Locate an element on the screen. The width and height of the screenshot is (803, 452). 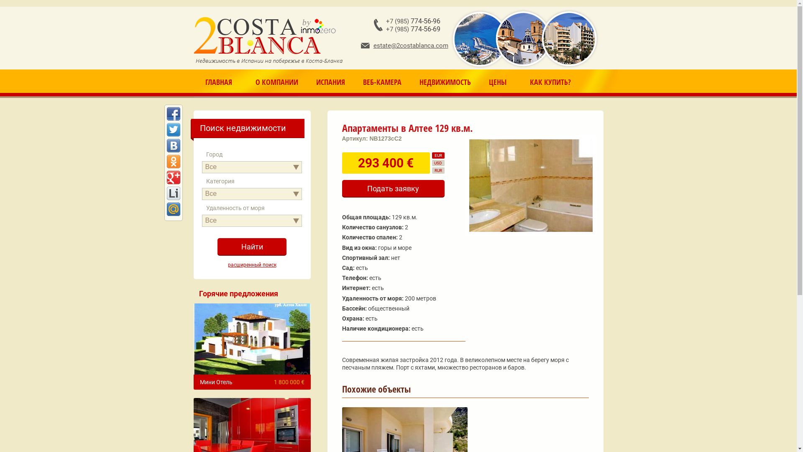
'RUR' is located at coordinates (437, 170).